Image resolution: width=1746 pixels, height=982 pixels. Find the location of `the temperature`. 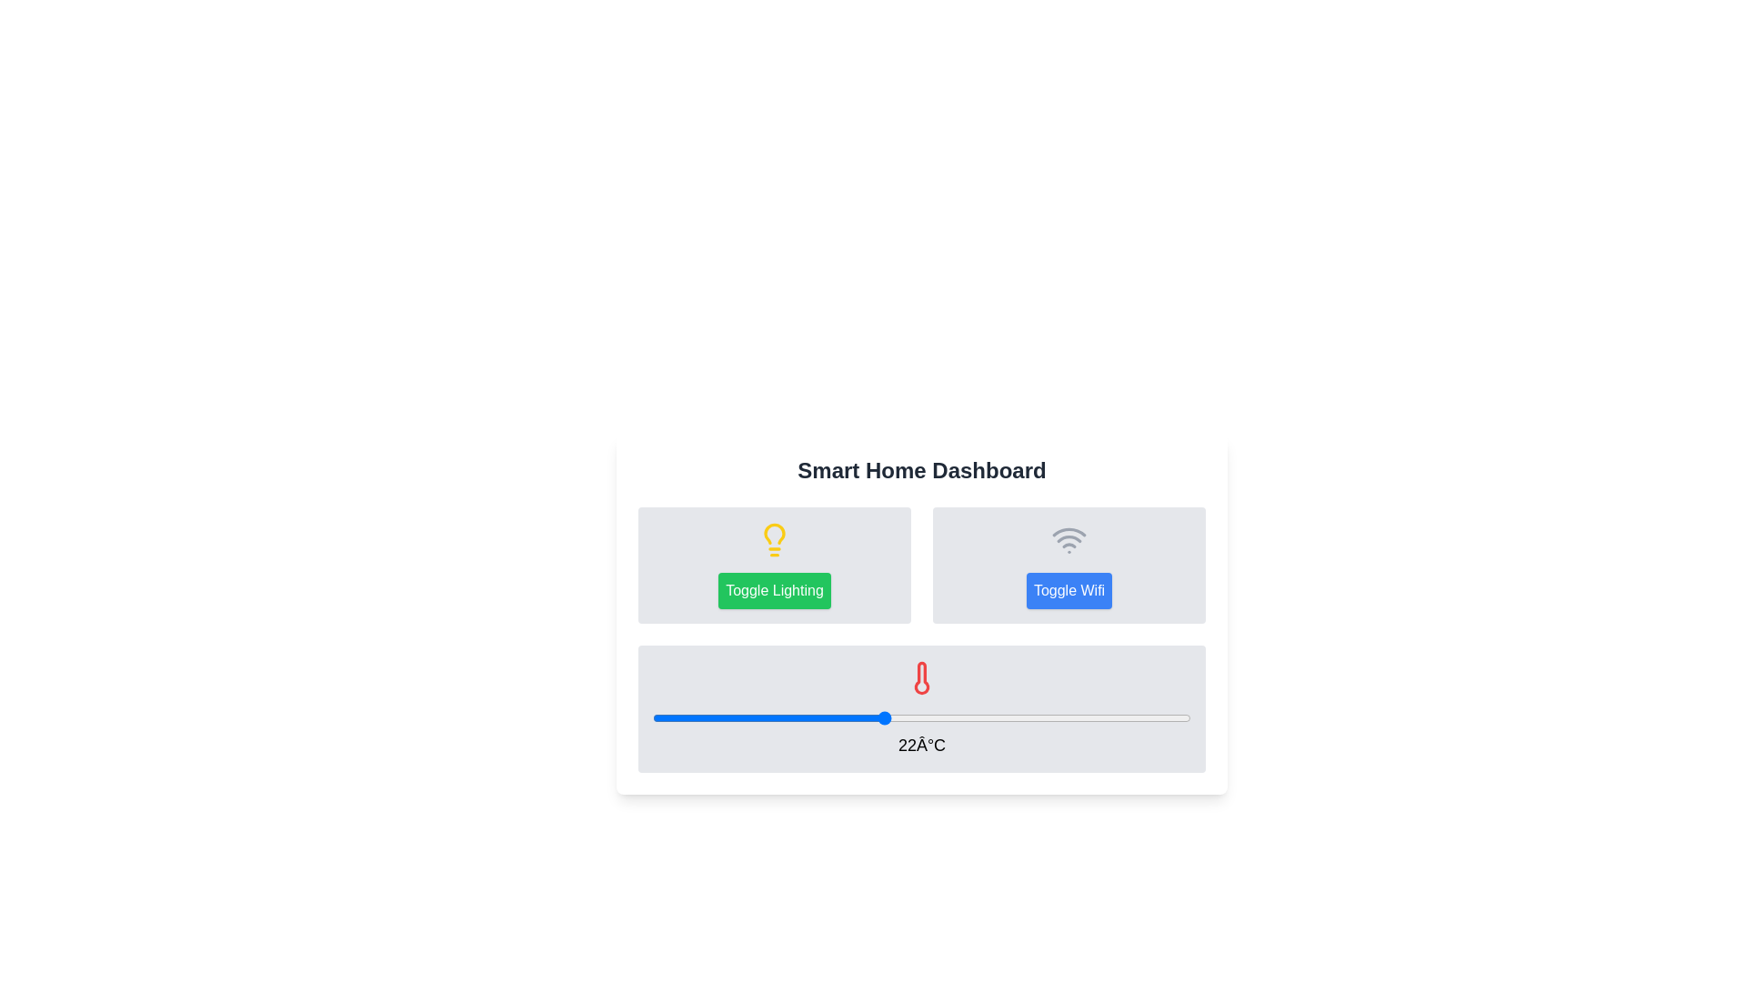

the temperature is located at coordinates (1037, 717).